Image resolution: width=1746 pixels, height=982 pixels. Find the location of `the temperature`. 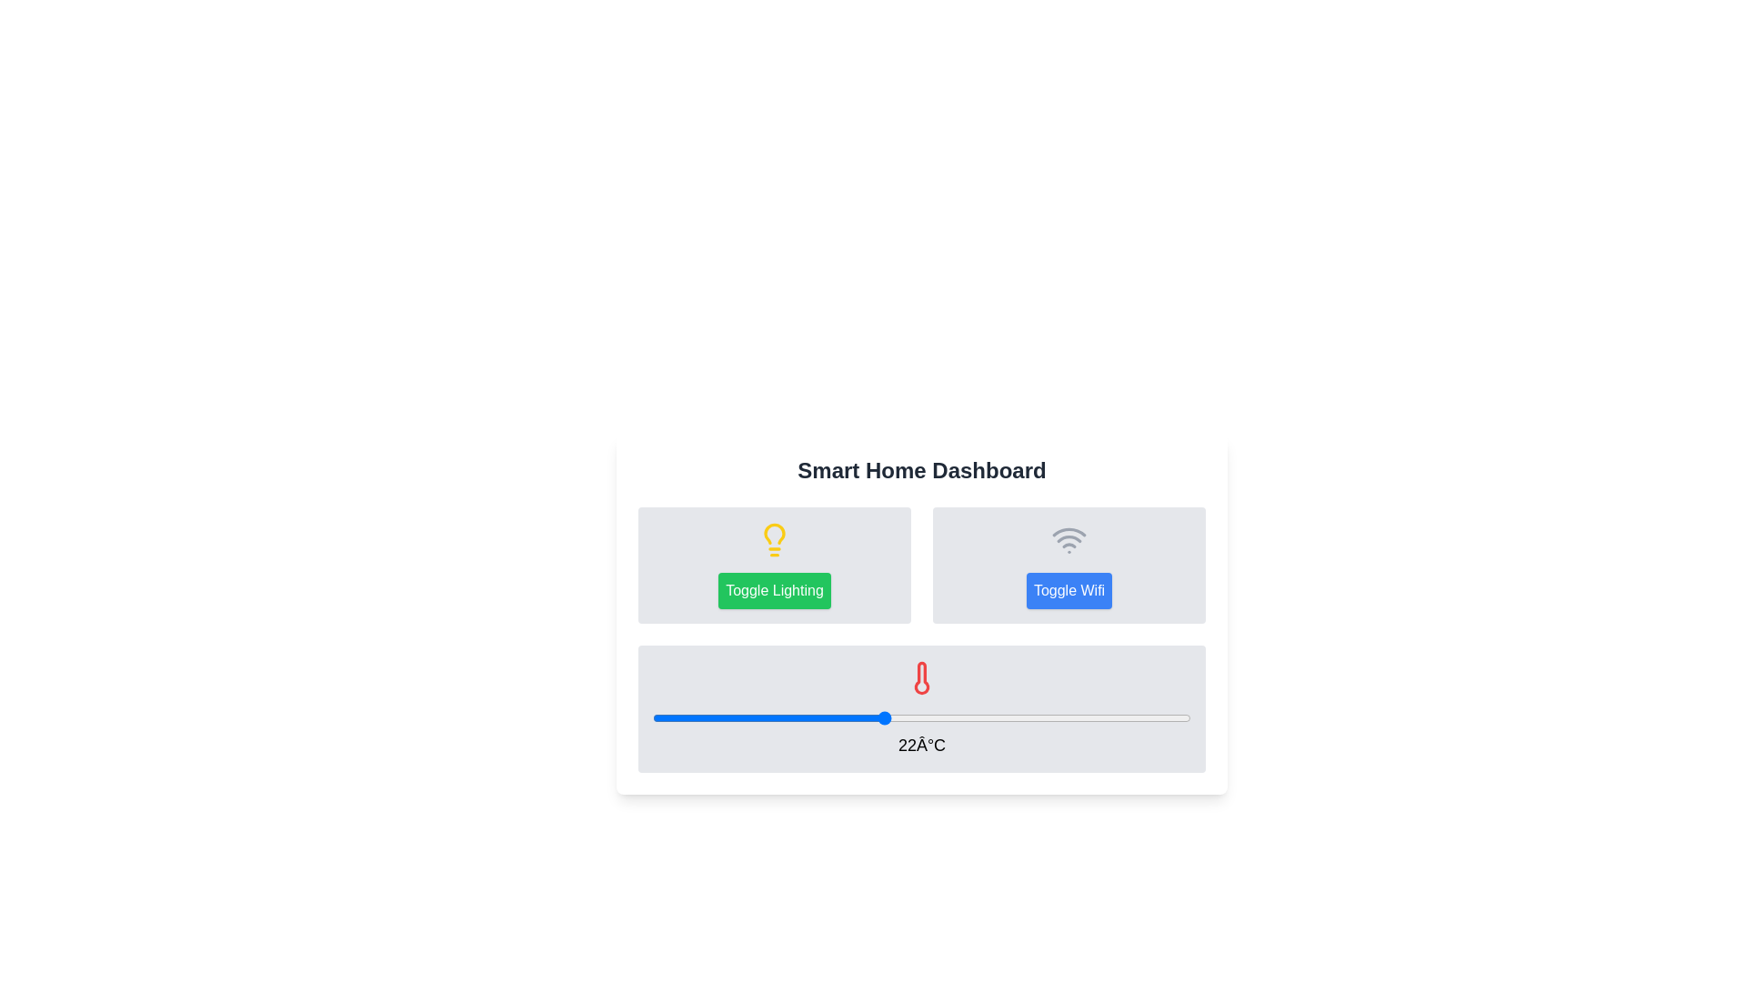

the temperature is located at coordinates (1037, 717).